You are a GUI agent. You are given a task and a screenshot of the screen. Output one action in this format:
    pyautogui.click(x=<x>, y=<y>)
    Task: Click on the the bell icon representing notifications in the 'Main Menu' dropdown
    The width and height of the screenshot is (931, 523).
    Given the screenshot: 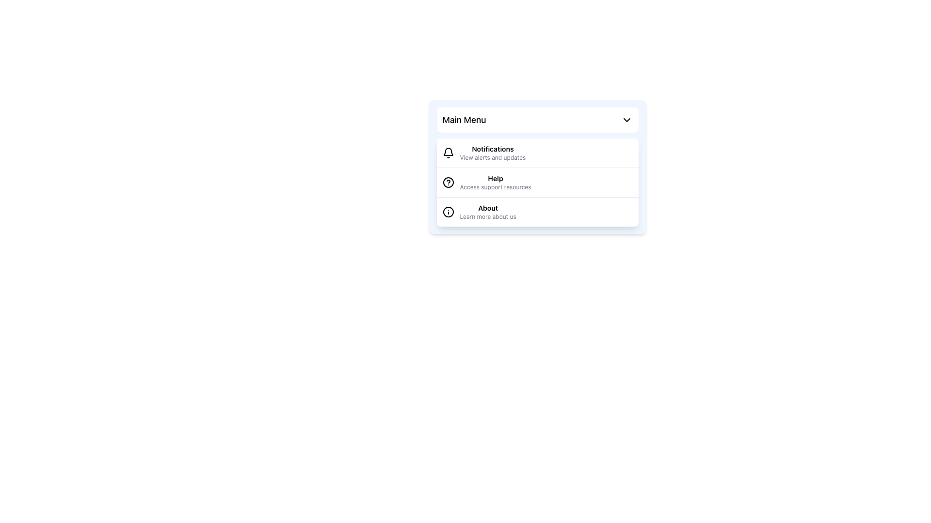 What is the action you would take?
    pyautogui.click(x=448, y=152)
    